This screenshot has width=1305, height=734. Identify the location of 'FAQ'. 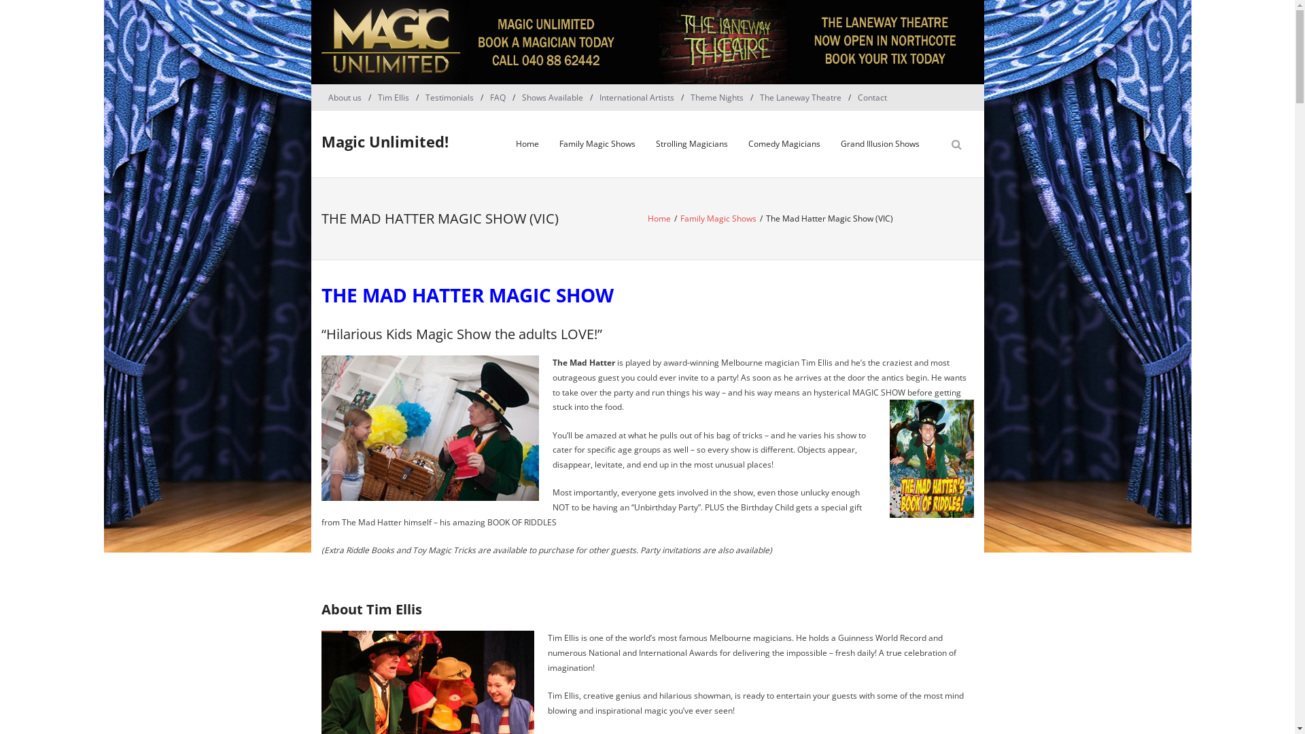
(496, 97).